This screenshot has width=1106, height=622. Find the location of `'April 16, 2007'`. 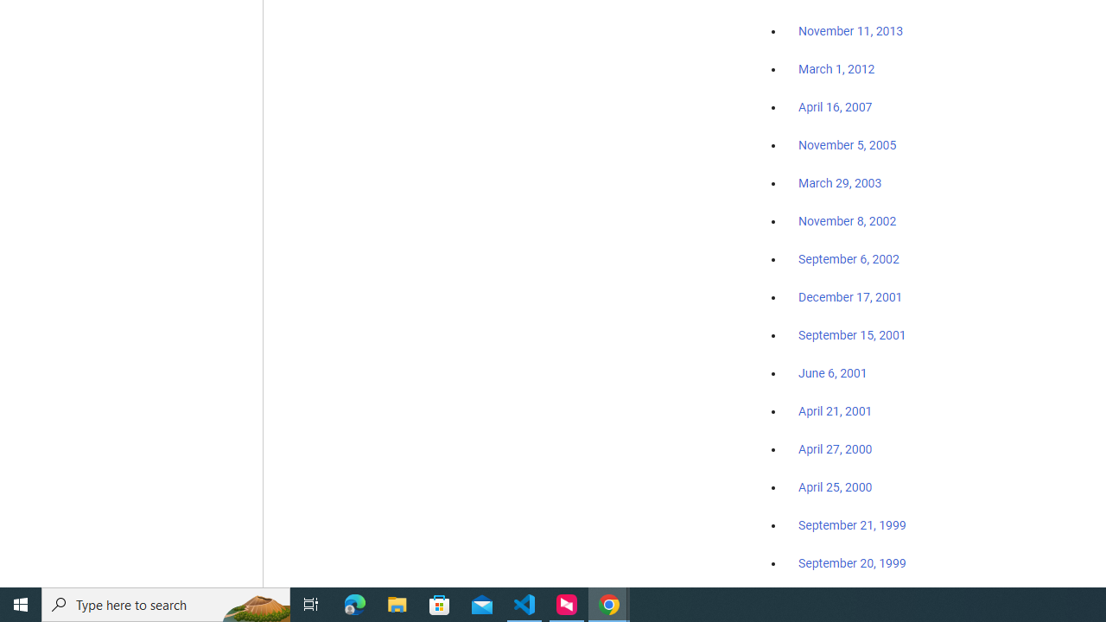

'April 16, 2007' is located at coordinates (836, 107).